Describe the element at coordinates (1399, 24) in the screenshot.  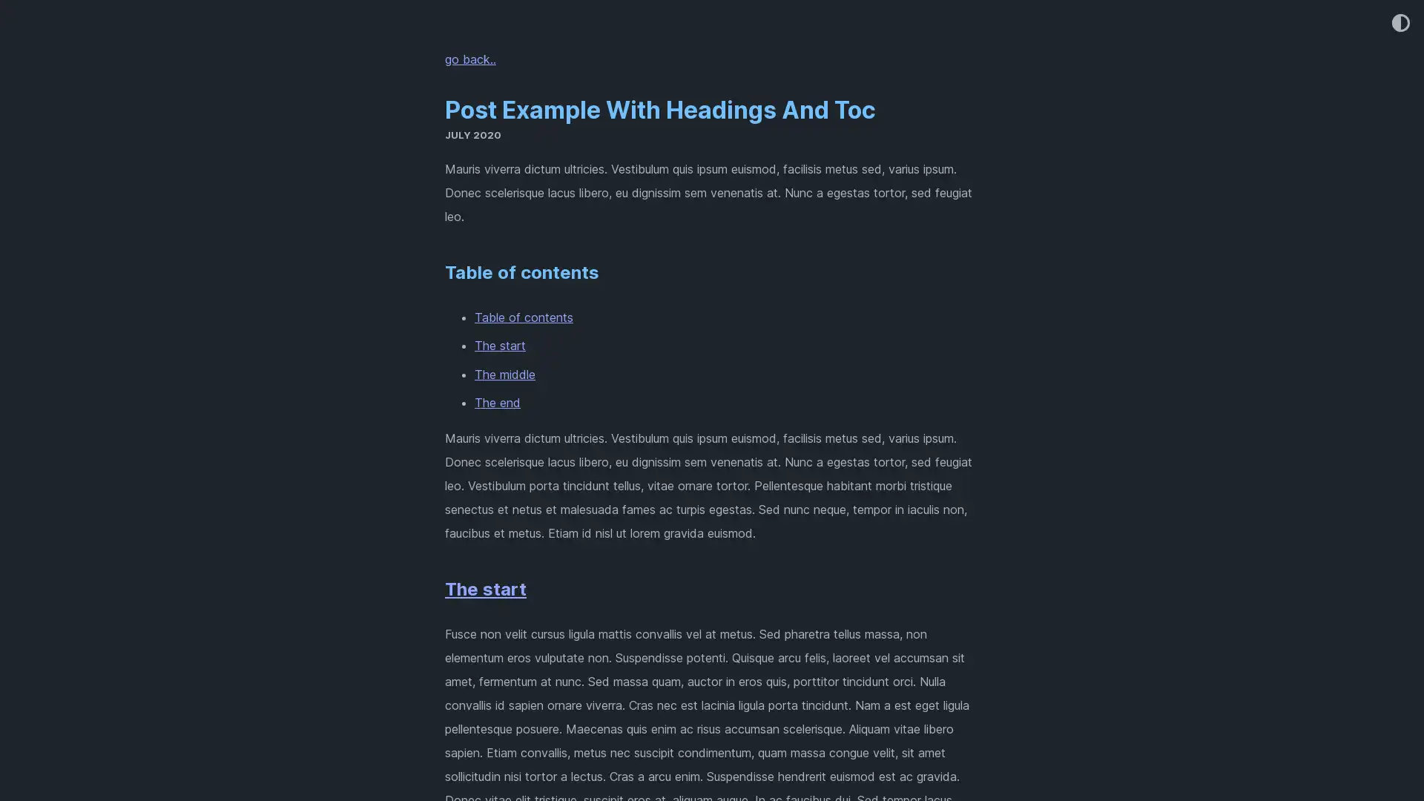
I see `Toggle Theme` at that location.